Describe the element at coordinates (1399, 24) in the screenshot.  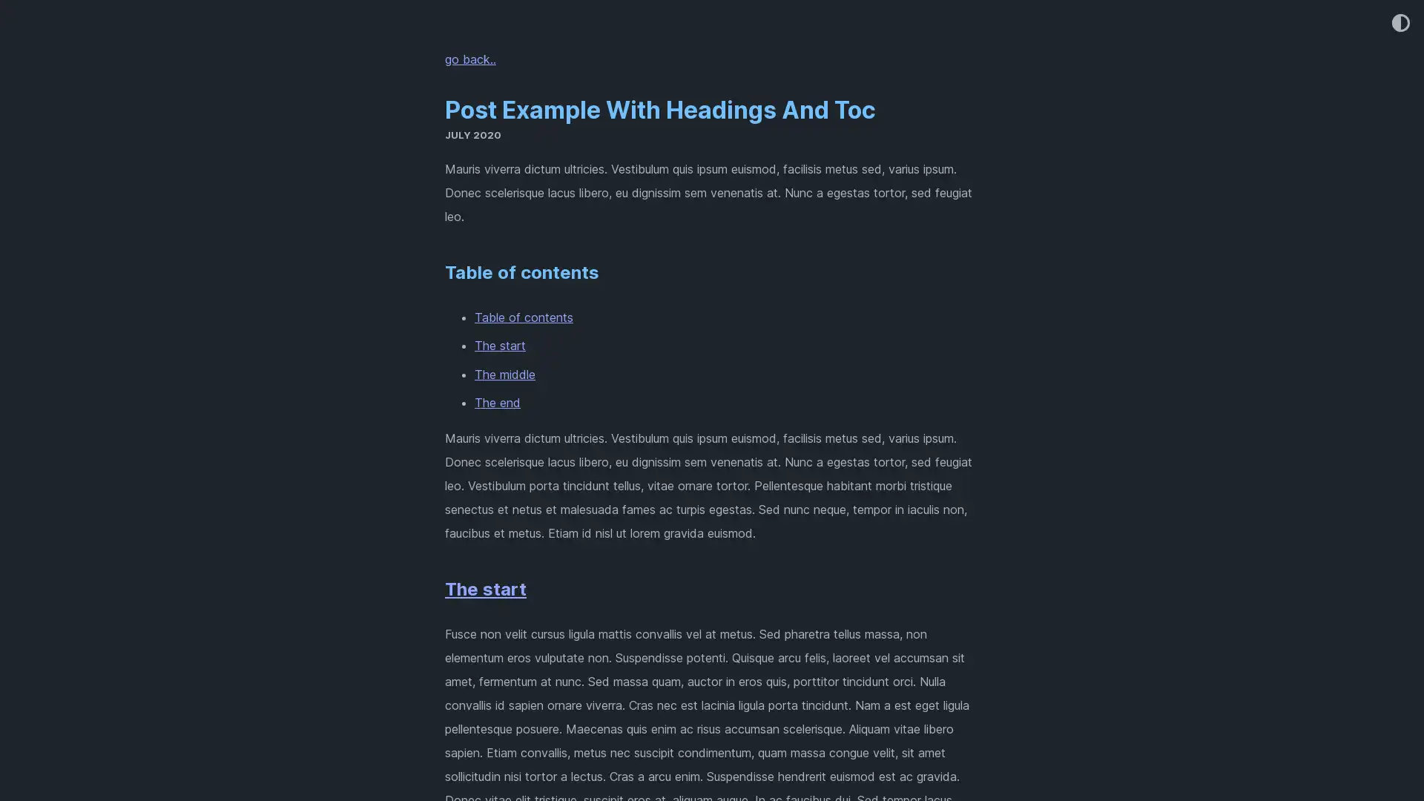
I see `Toggle Theme` at that location.